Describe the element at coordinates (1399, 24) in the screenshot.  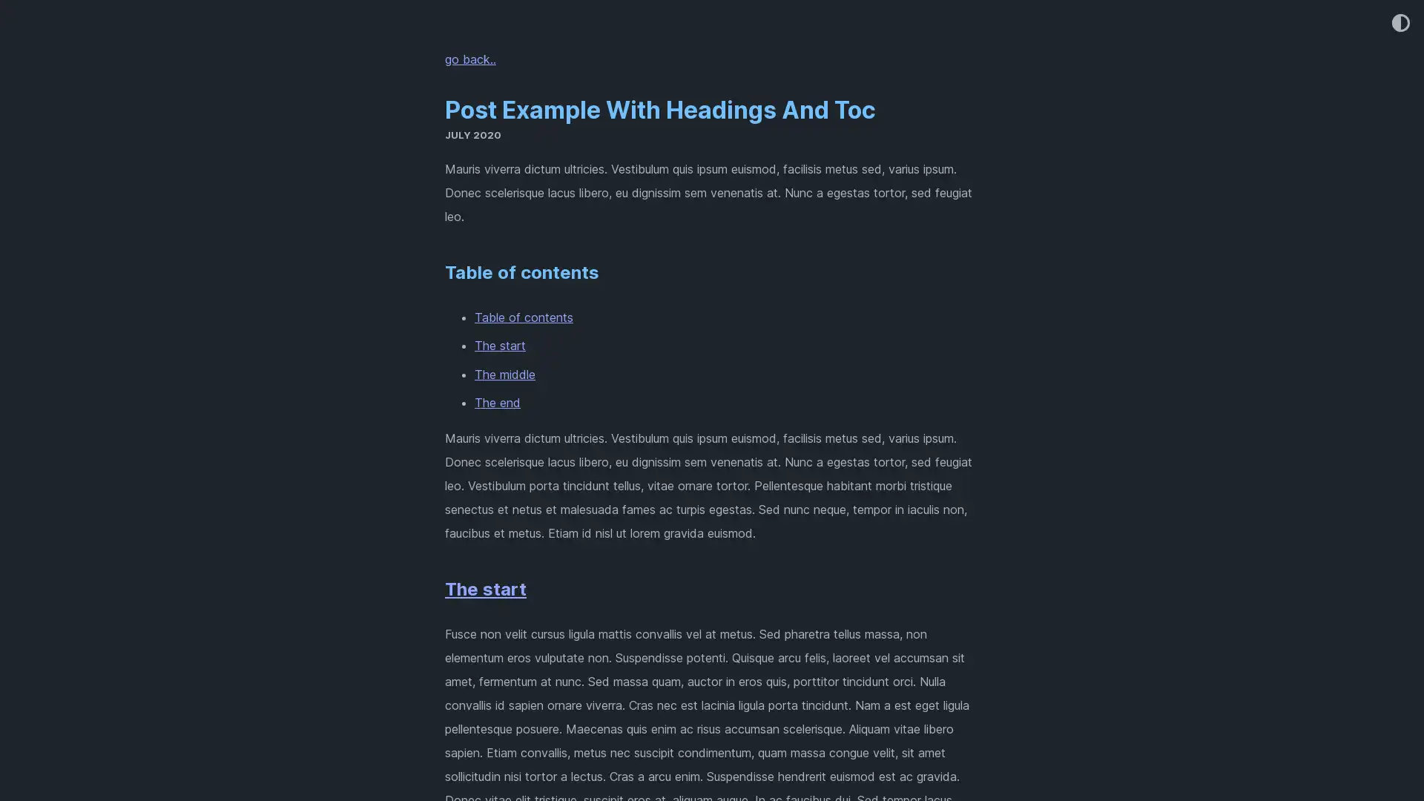
I see `Toggle Theme` at that location.